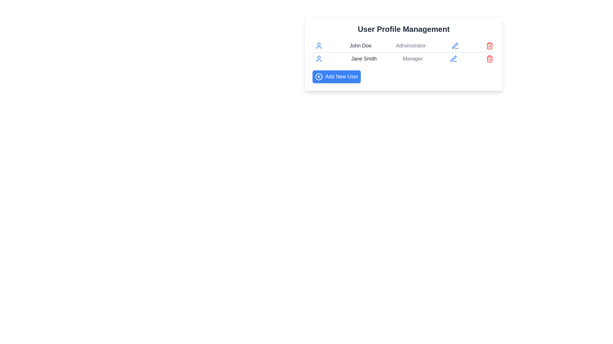  I want to click on the static text label displaying the role 'Manager' associated with the user 'Jane Smith', located in the second row of the user profile list, so click(412, 59).